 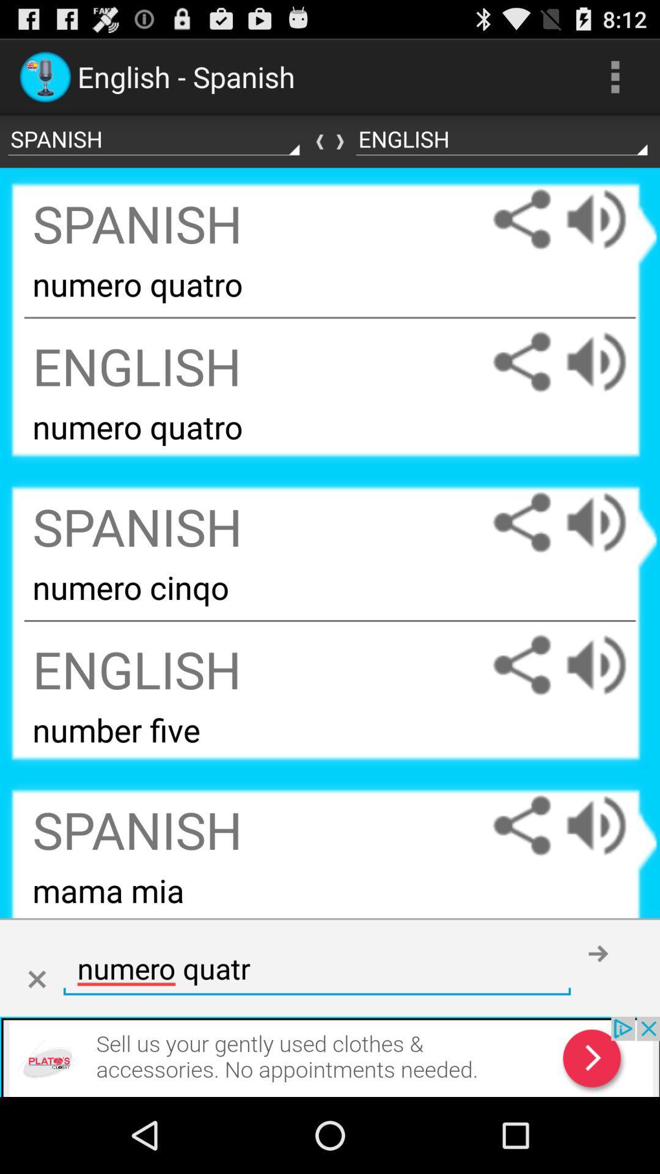 I want to click on hear the word, so click(x=608, y=664).